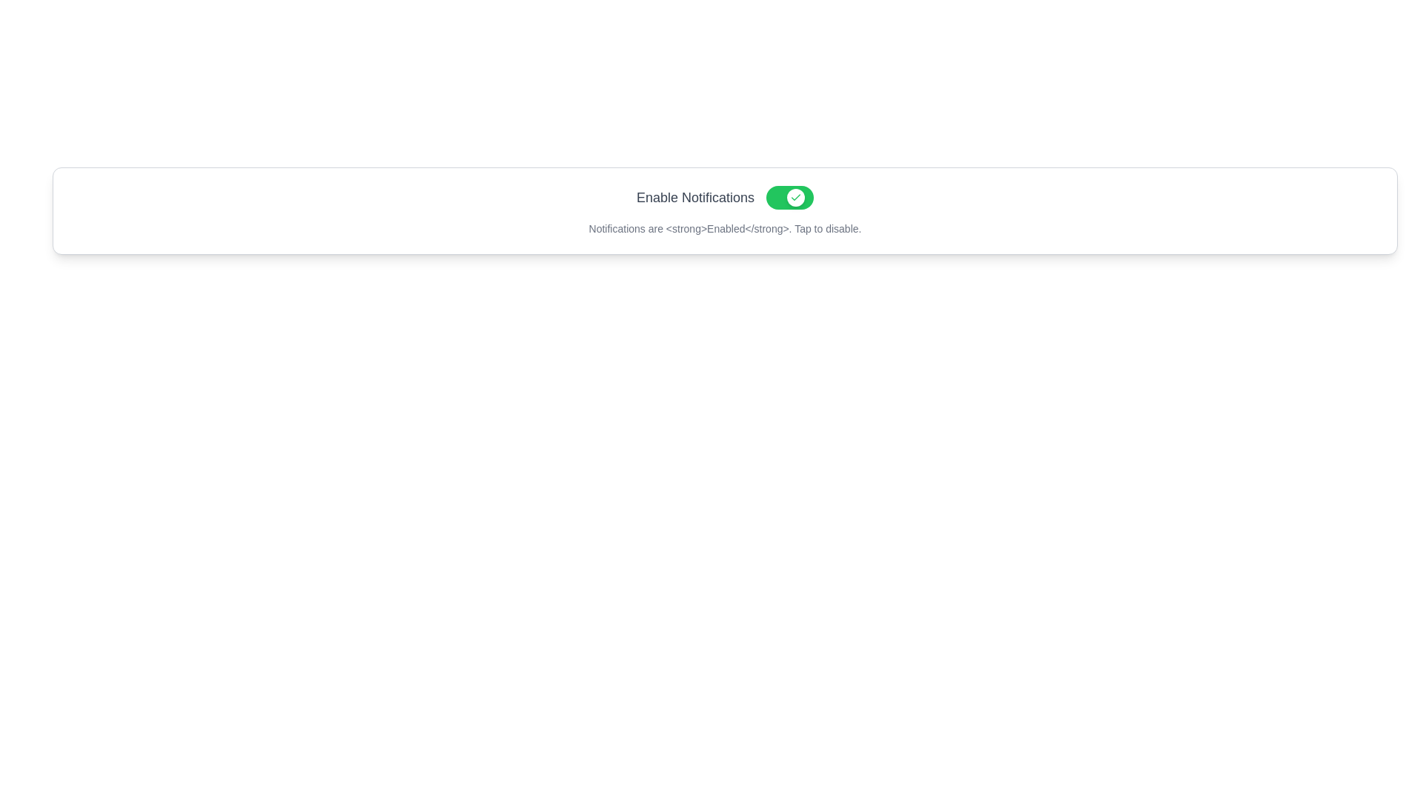 This screenshot has height=800, width=1423. I want to click on text block stating 'Notifications are Enabled. Tap to disable.' which is located below the toggle switch labeled 'Enable Notifications', so click(725, 228).